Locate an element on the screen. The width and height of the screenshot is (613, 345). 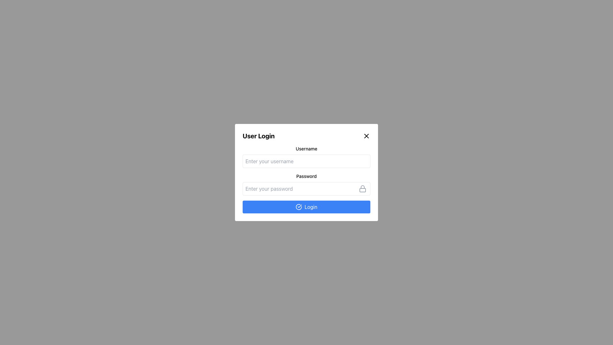
the button represented by an 'X' icon in the top-right corner of the 'User Login' dialog box to potentially reveal a hover effect is located at coordinates (366, 135).